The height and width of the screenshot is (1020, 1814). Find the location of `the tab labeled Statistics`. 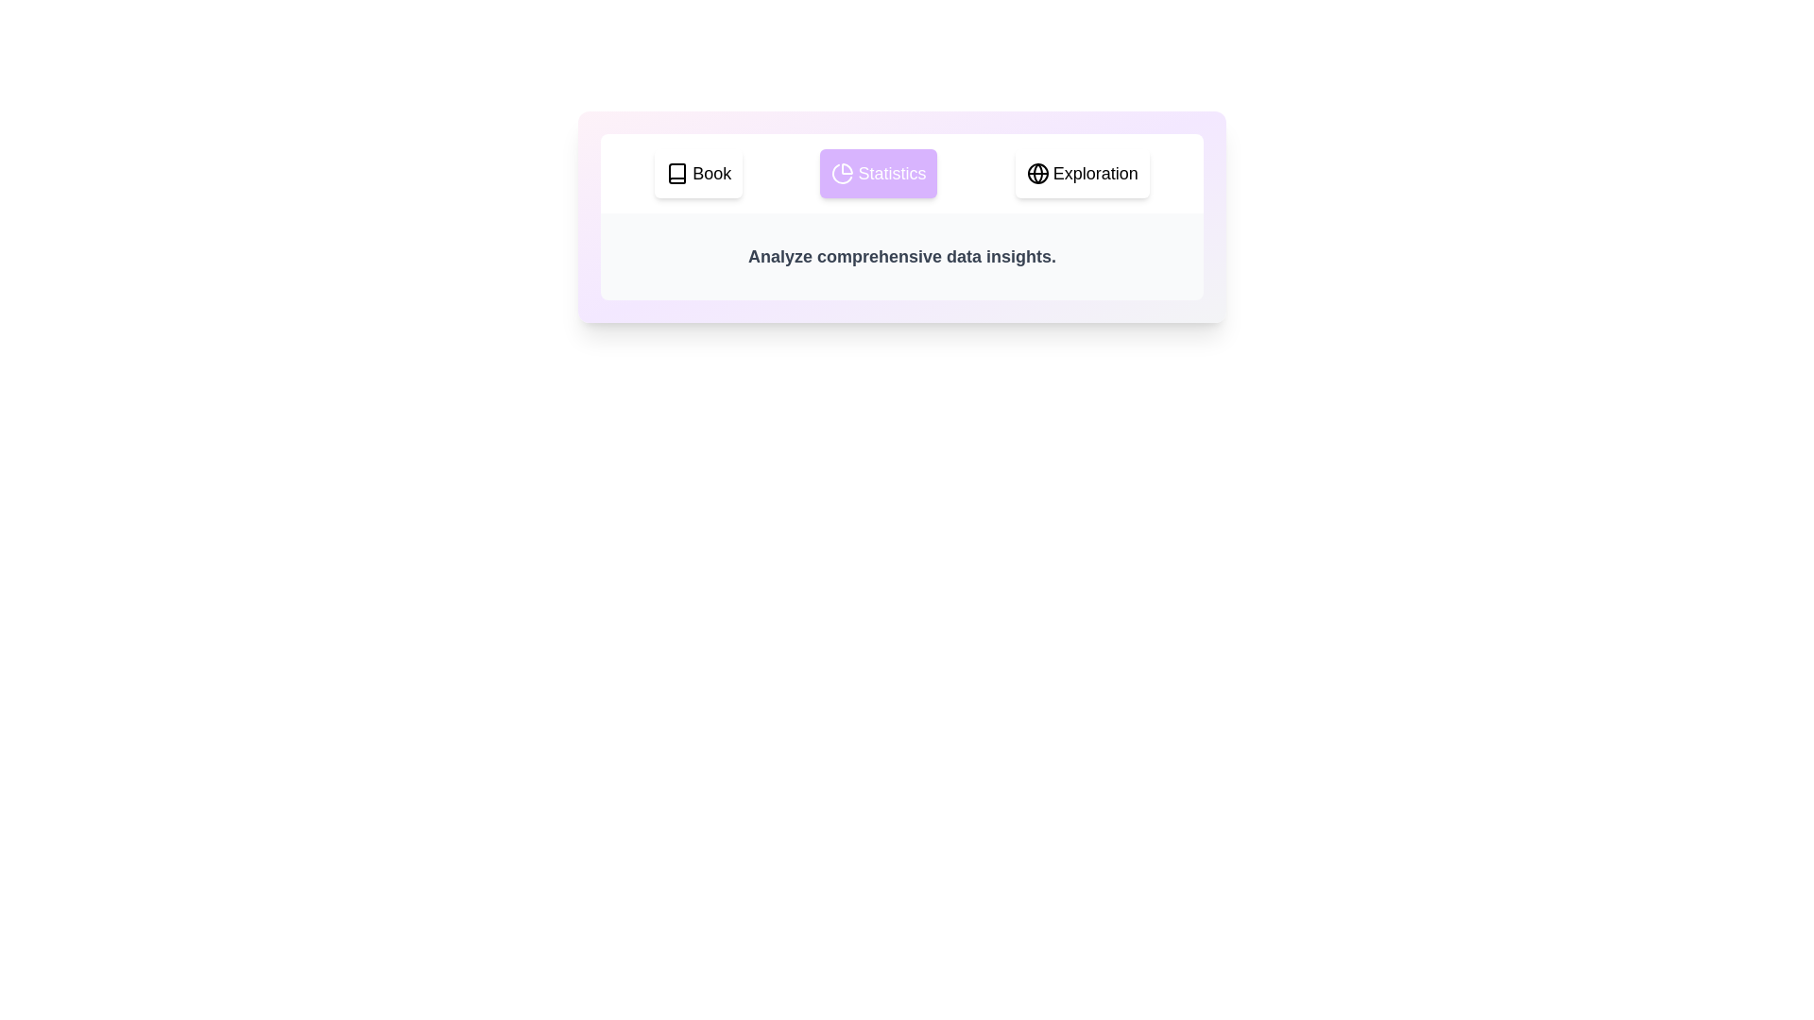

the tab labeled Statistics is located at coordinates (878, 174).